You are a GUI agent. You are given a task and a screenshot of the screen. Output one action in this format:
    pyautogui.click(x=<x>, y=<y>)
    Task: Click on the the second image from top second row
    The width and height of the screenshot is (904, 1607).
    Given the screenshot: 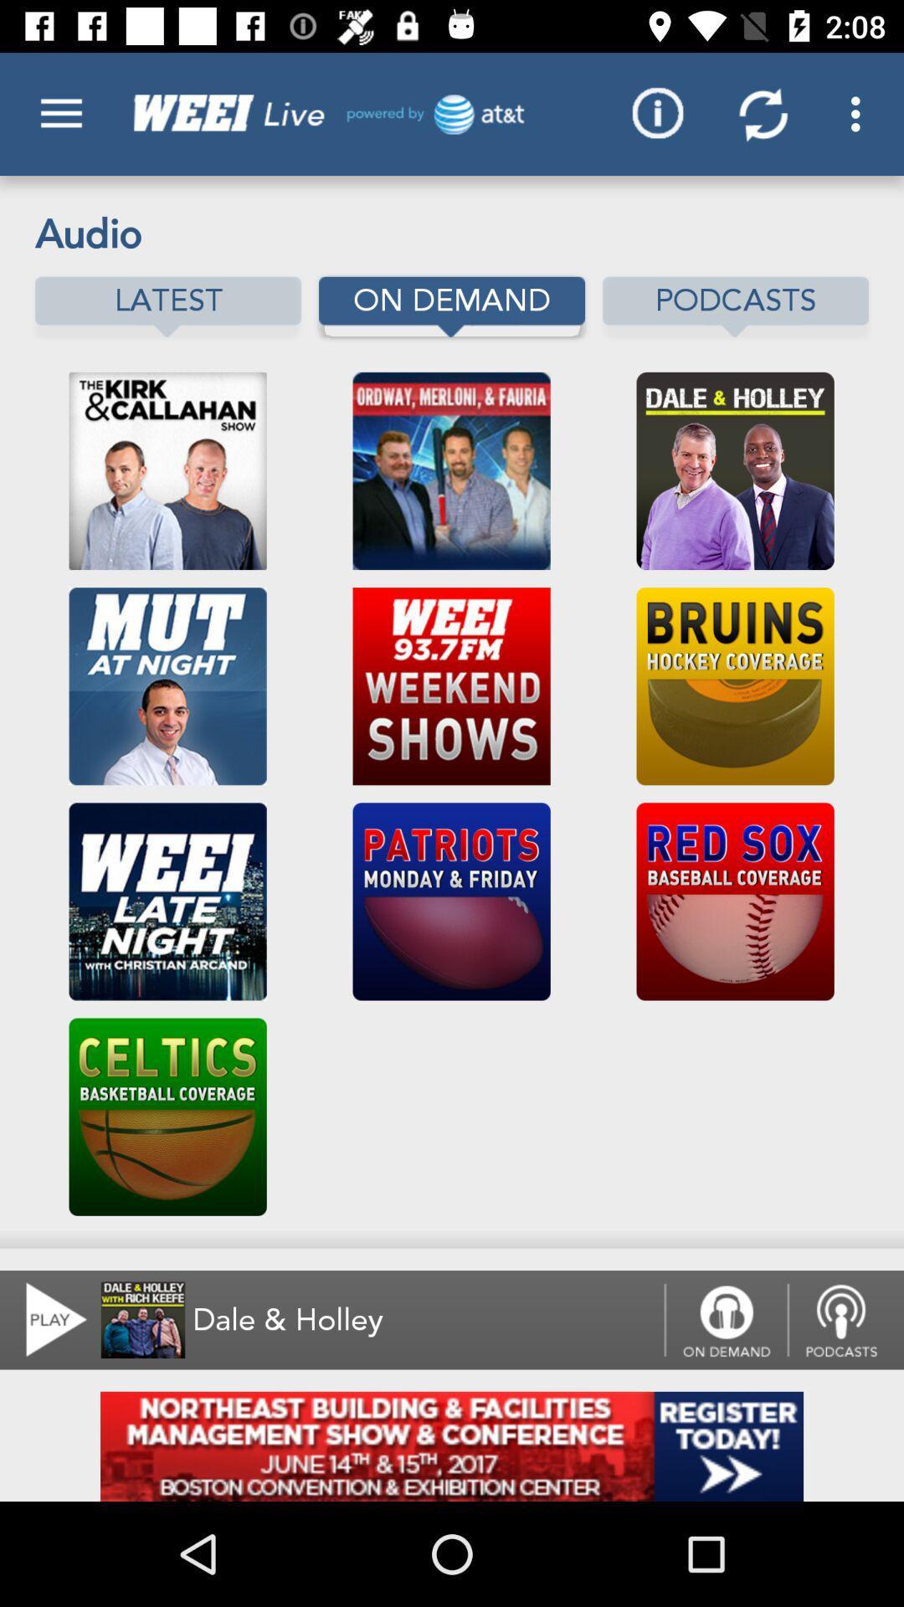 What is the action you would take?
    pyautogui.click(x=452, y=686)
    